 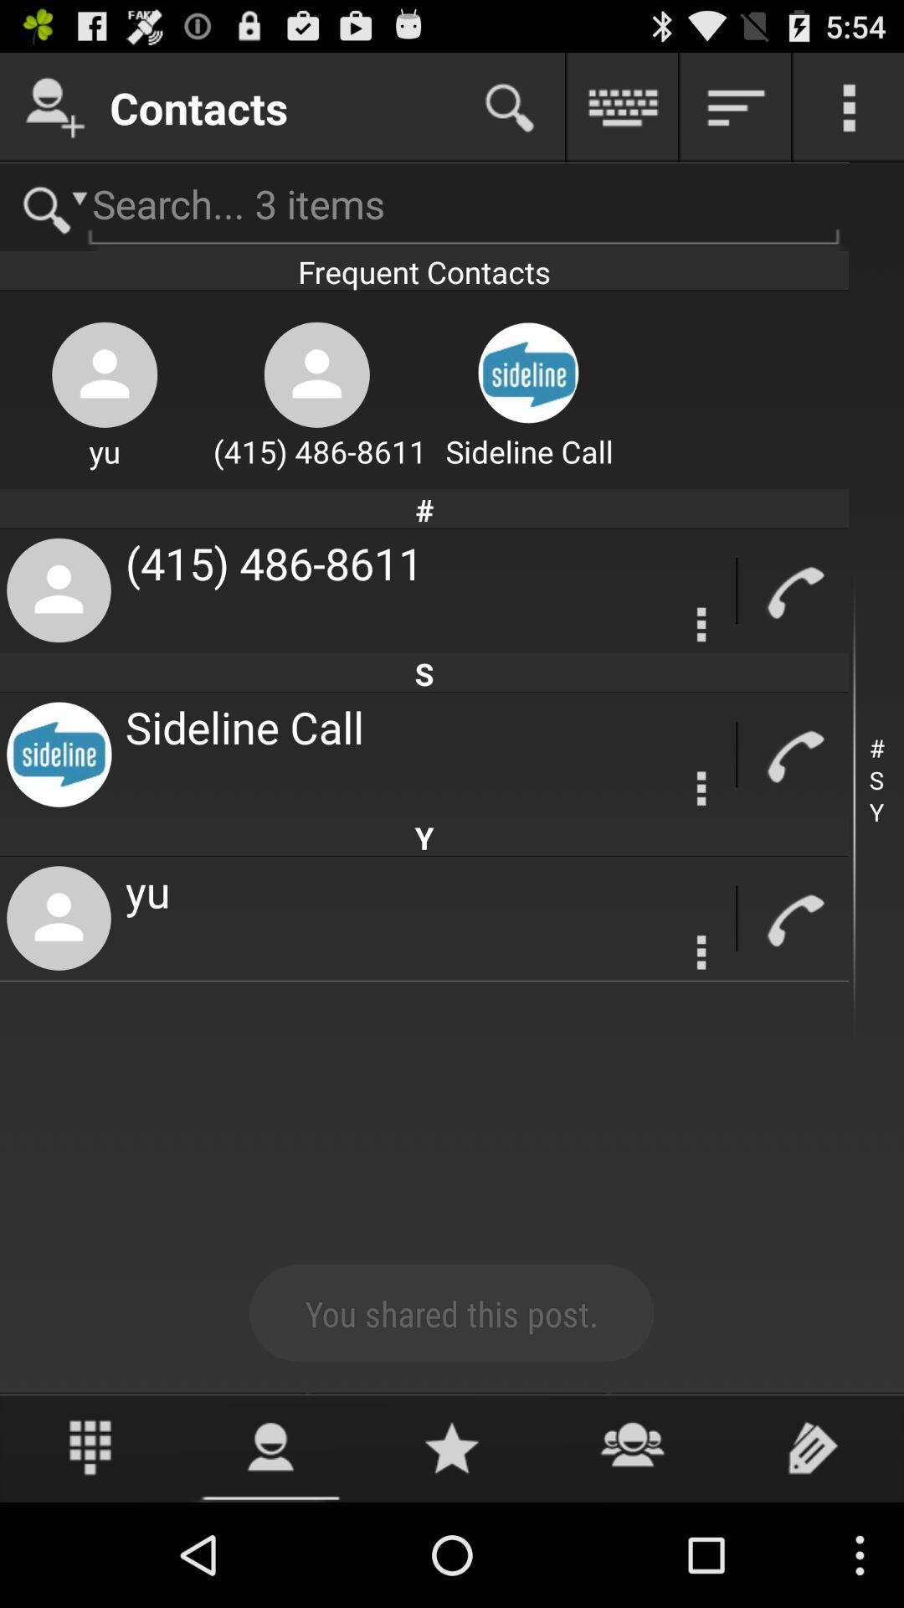 I want to click on favorites button, so click(x=452, y=1446).